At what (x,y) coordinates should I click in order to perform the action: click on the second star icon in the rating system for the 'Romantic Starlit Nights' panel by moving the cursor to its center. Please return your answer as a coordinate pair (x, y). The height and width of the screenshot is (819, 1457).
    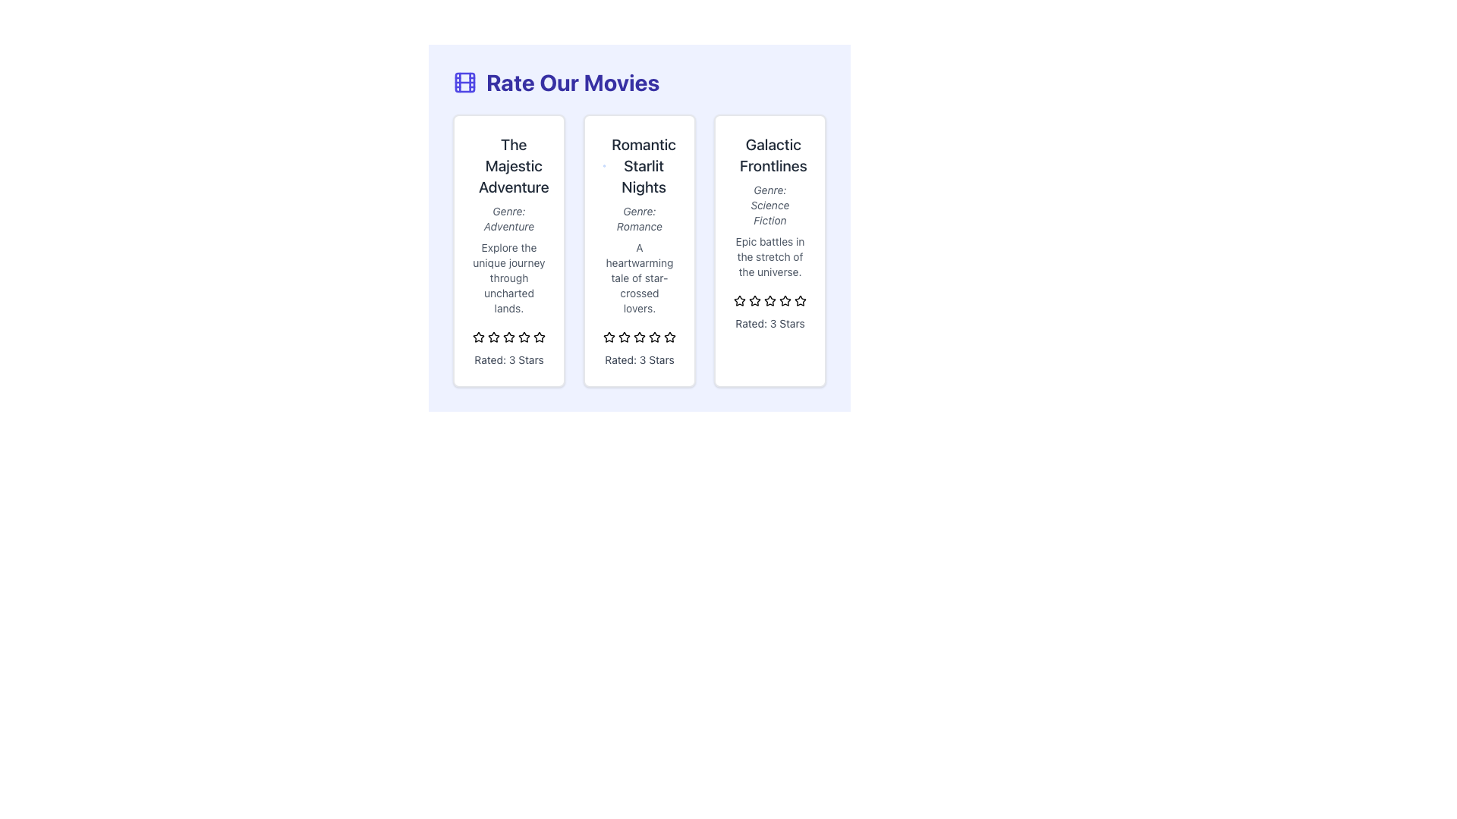
    Looking at the image, I should click on (609, 336).